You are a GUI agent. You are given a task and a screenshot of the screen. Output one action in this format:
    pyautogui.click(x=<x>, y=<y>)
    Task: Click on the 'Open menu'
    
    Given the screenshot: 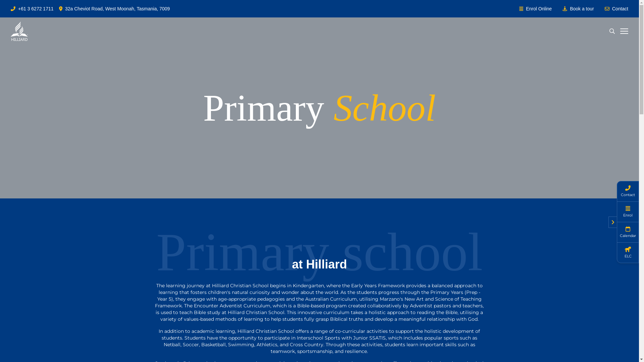 What is the action you would take?
    pyautogui.click(x=620, y=31)
    